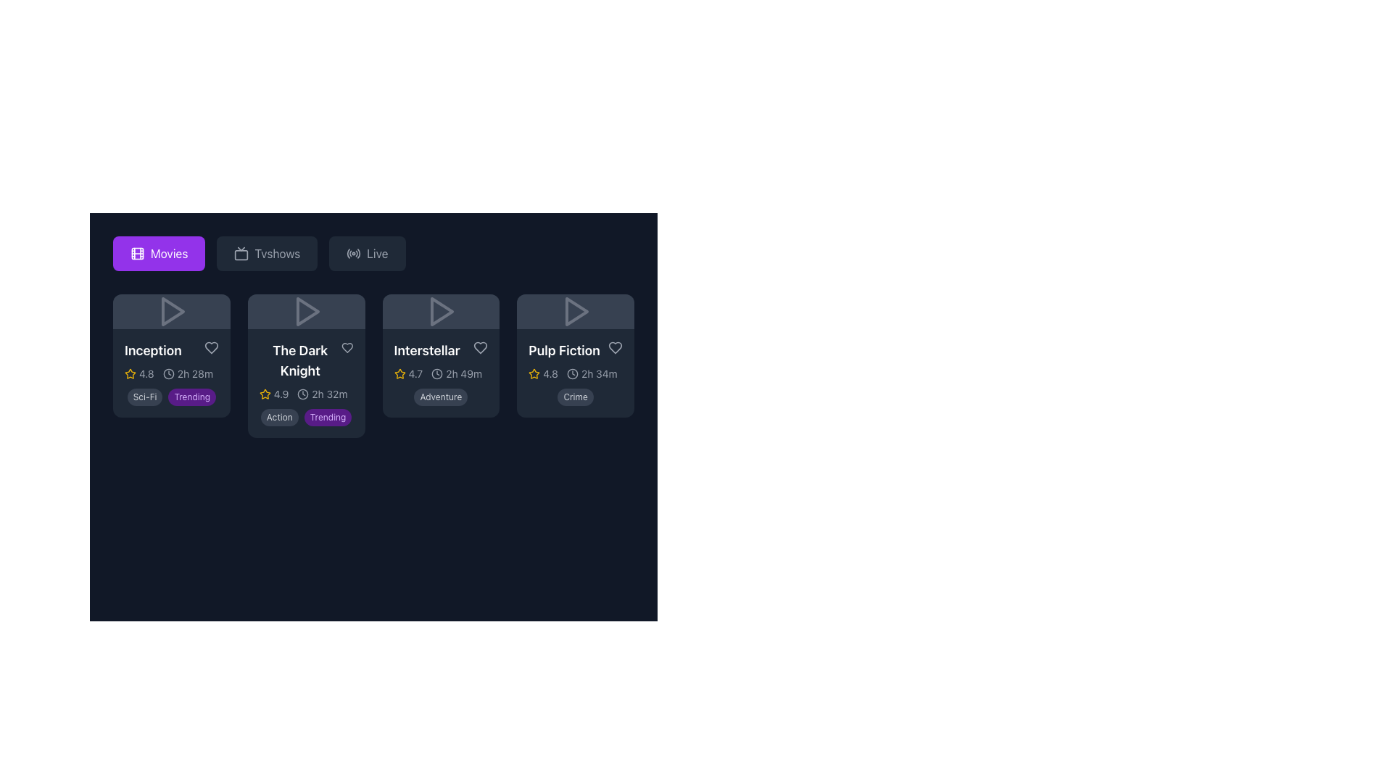 The width and height of the screenshot is (1392, 783). I want to click on the star-shaped icon styled in yellow, which is positioned to the left of the text displaying '4.7' in the 'Interstellar' movie rating section, so click(399, 373).